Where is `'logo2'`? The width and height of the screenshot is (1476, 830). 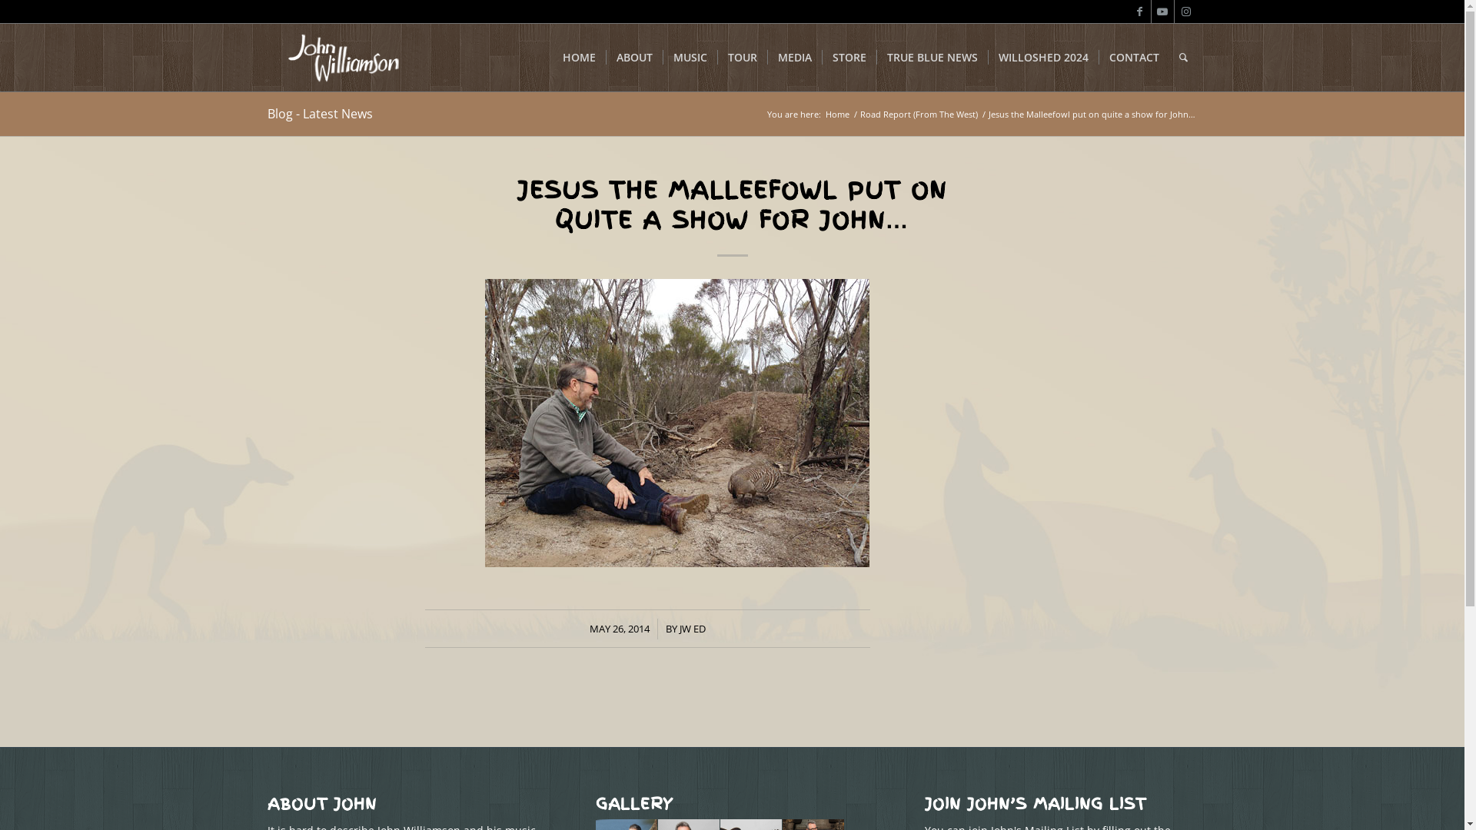 'logo2' is located at coordinates (342, 56).